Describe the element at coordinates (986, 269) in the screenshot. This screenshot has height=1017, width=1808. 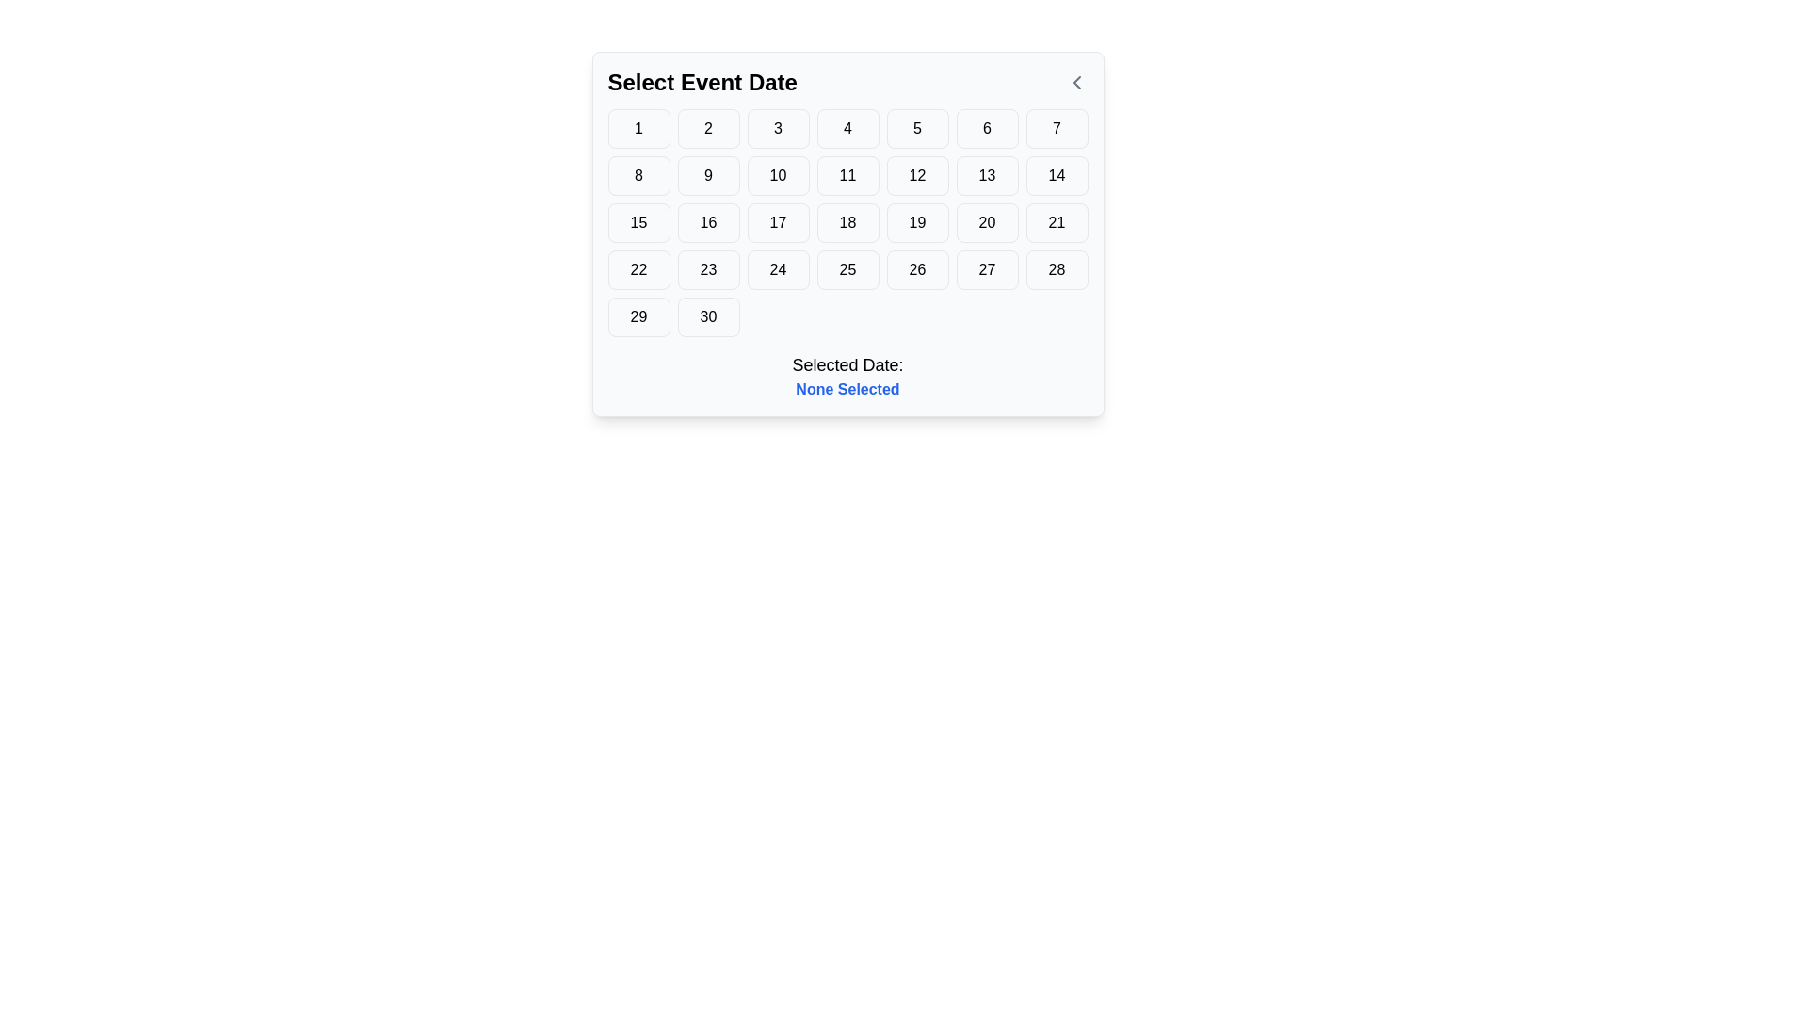
I see `the square button with the text '27' in the fourth row and sixth column of the grid layout within the 'Select Event Date' modal` at that location.